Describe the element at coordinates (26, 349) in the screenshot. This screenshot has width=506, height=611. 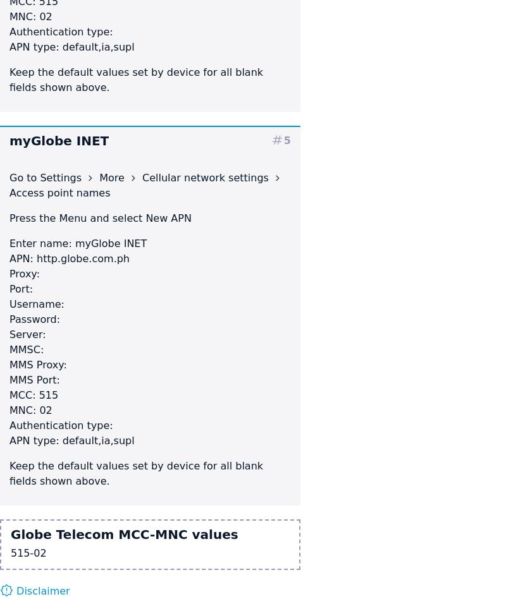
I see `'MMSC:'` at that location.